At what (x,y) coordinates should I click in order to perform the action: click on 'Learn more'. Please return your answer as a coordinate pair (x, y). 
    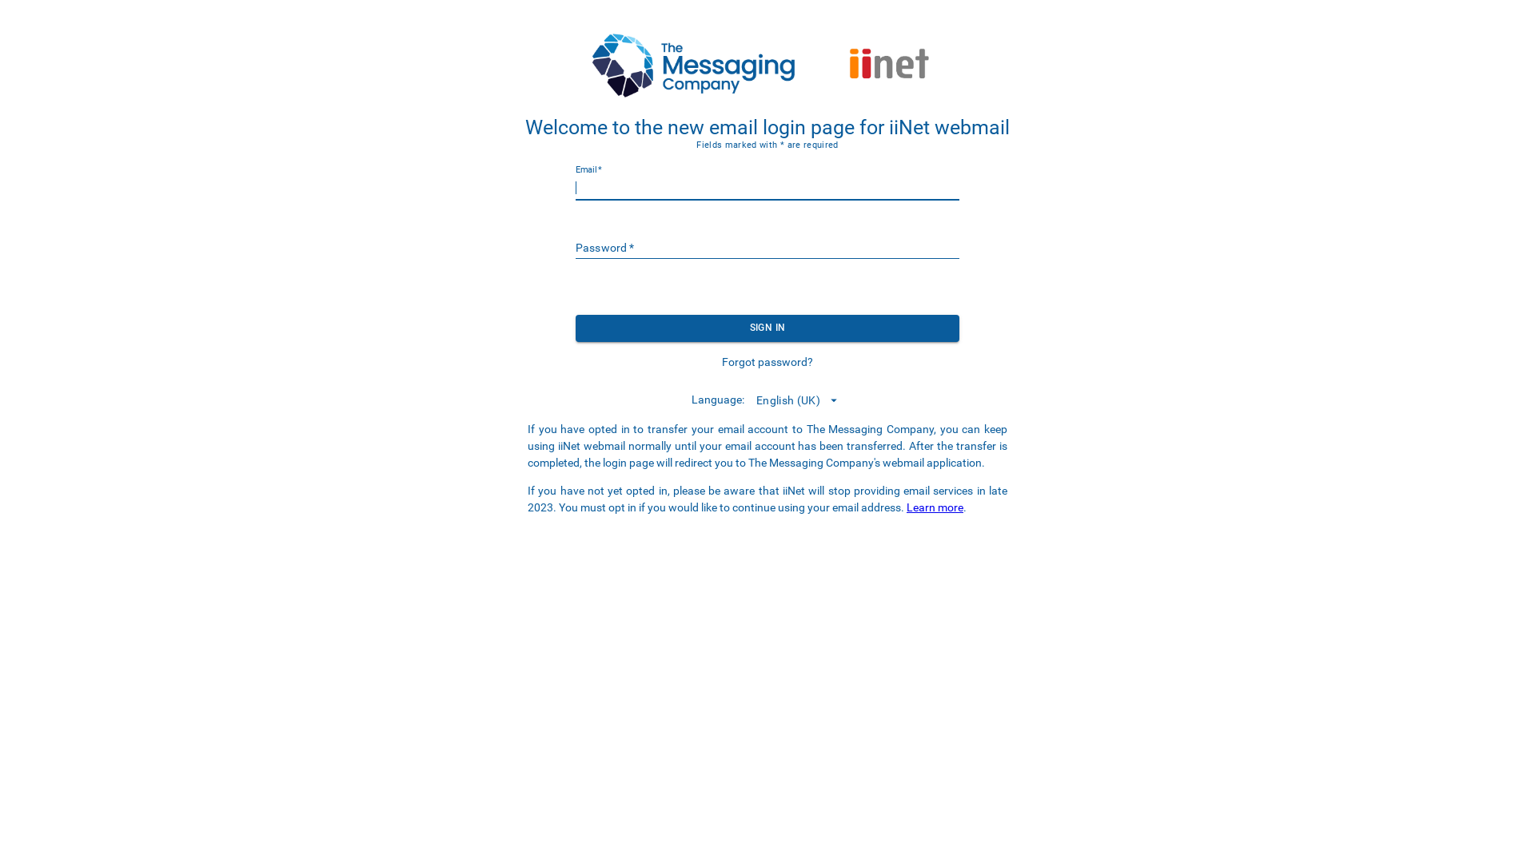
    Looking at the image, I should click on (935, 507).